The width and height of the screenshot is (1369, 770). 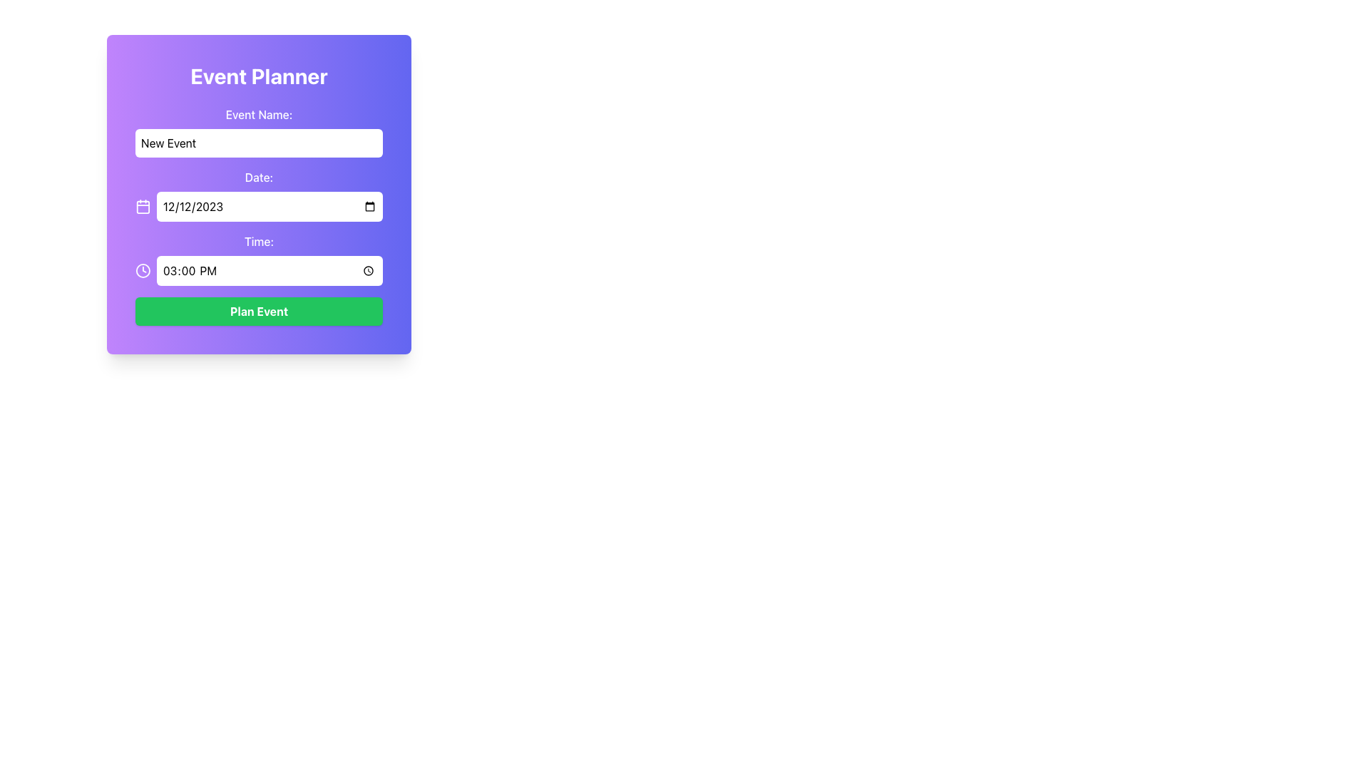 I want to click on the button located below the 'Time' input field, so click(x=259, y=310).